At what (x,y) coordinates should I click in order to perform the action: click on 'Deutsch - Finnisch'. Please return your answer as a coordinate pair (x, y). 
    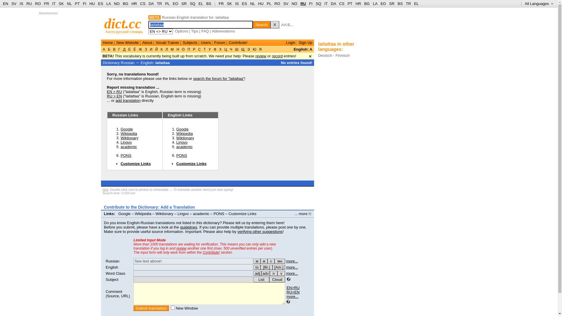
    Looking at the image, I should click on (334, 55).